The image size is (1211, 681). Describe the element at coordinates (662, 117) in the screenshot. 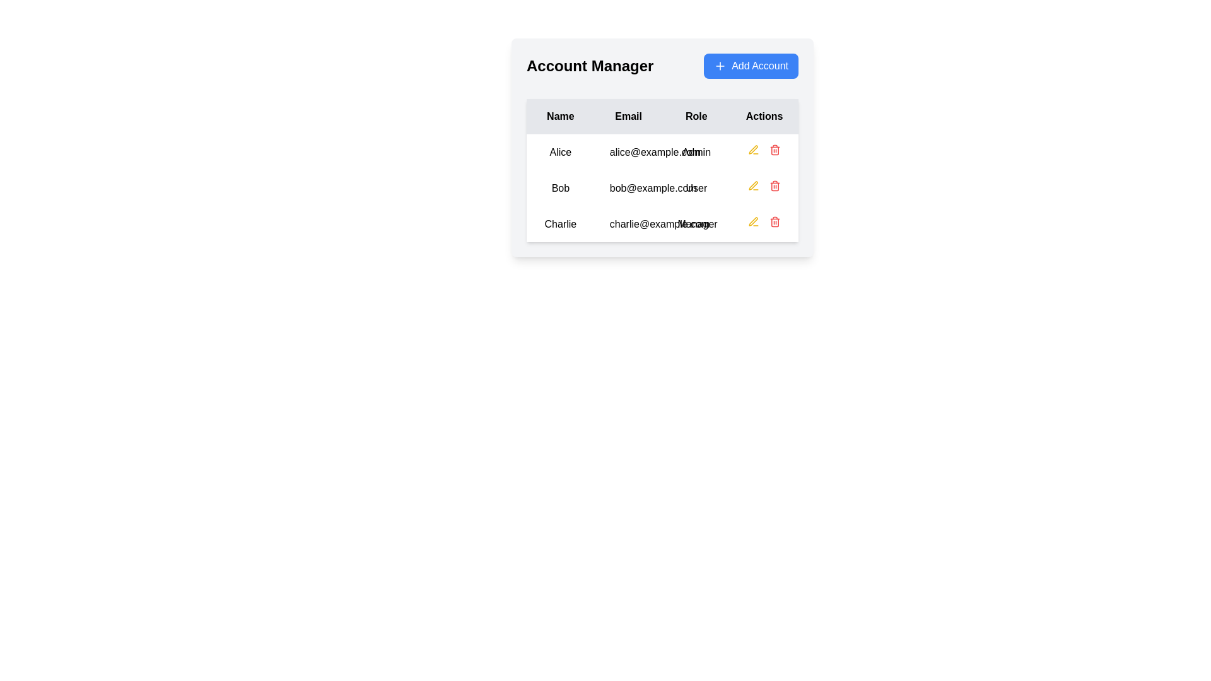

I see `the Table Header element that delineates the columns of the table below for reading` at that location.